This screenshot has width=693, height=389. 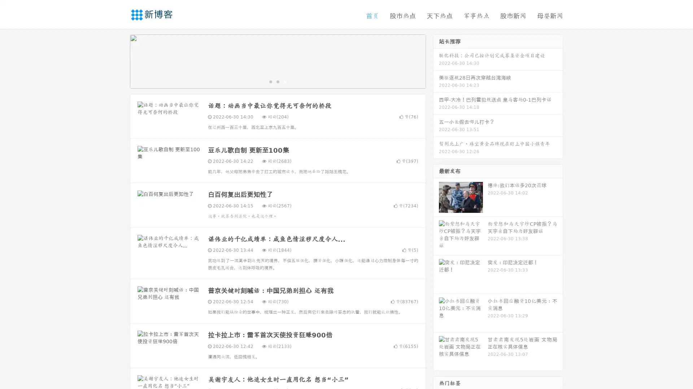 What do you see at coordinates (277, 81) in the screenshot?
I see `Go to slide 2` at bounding box center [277, 81].